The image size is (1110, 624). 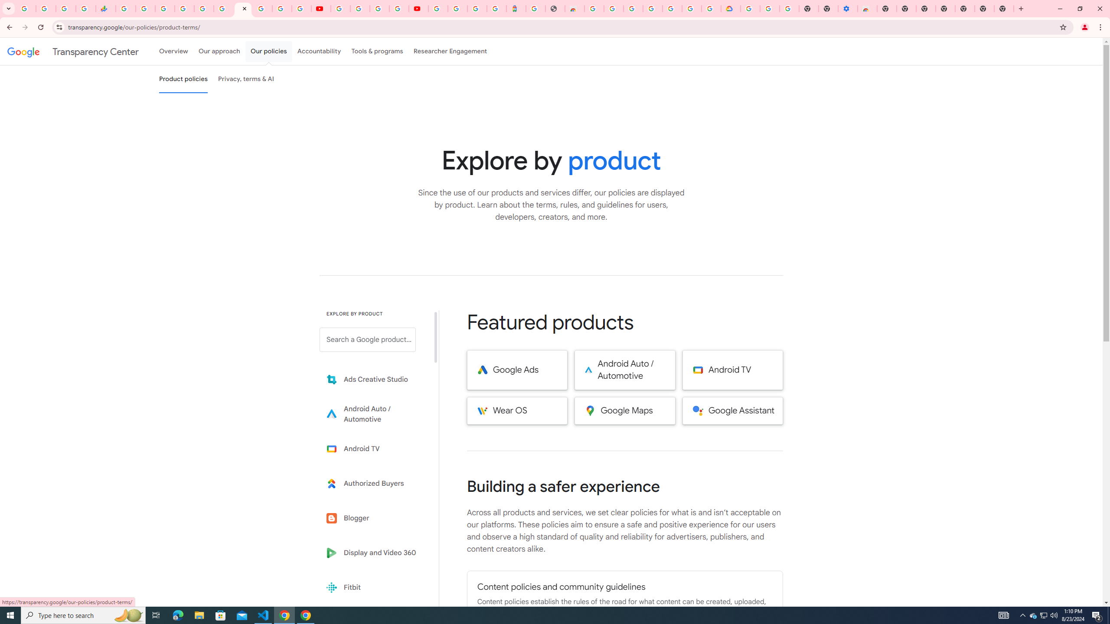 I want to click on 'Accountability', so click(x=319, y=51).